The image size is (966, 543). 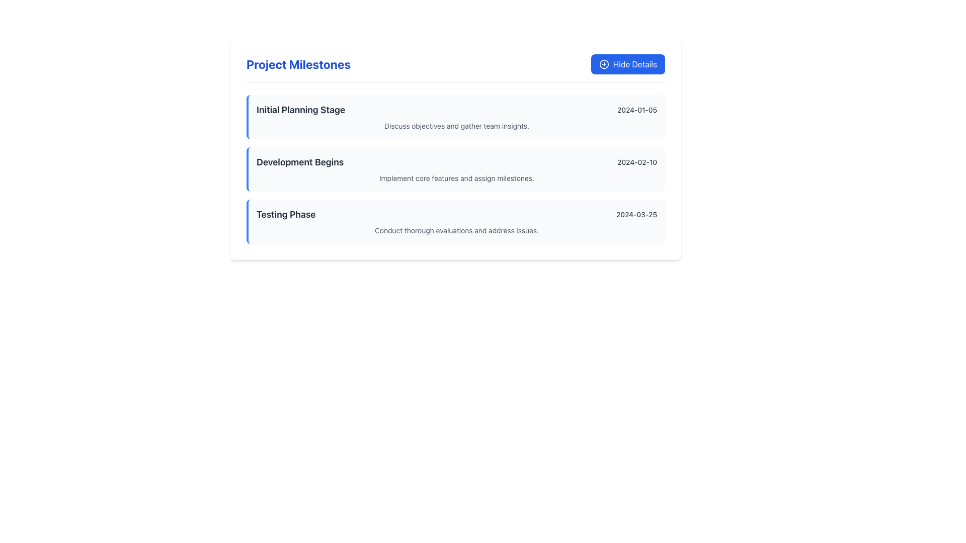 I want to click on the 'Hide Details' button with a blue background and a '+' icon, located to the right of the 'Project Milestones' heading, so click(x=627, y=64).